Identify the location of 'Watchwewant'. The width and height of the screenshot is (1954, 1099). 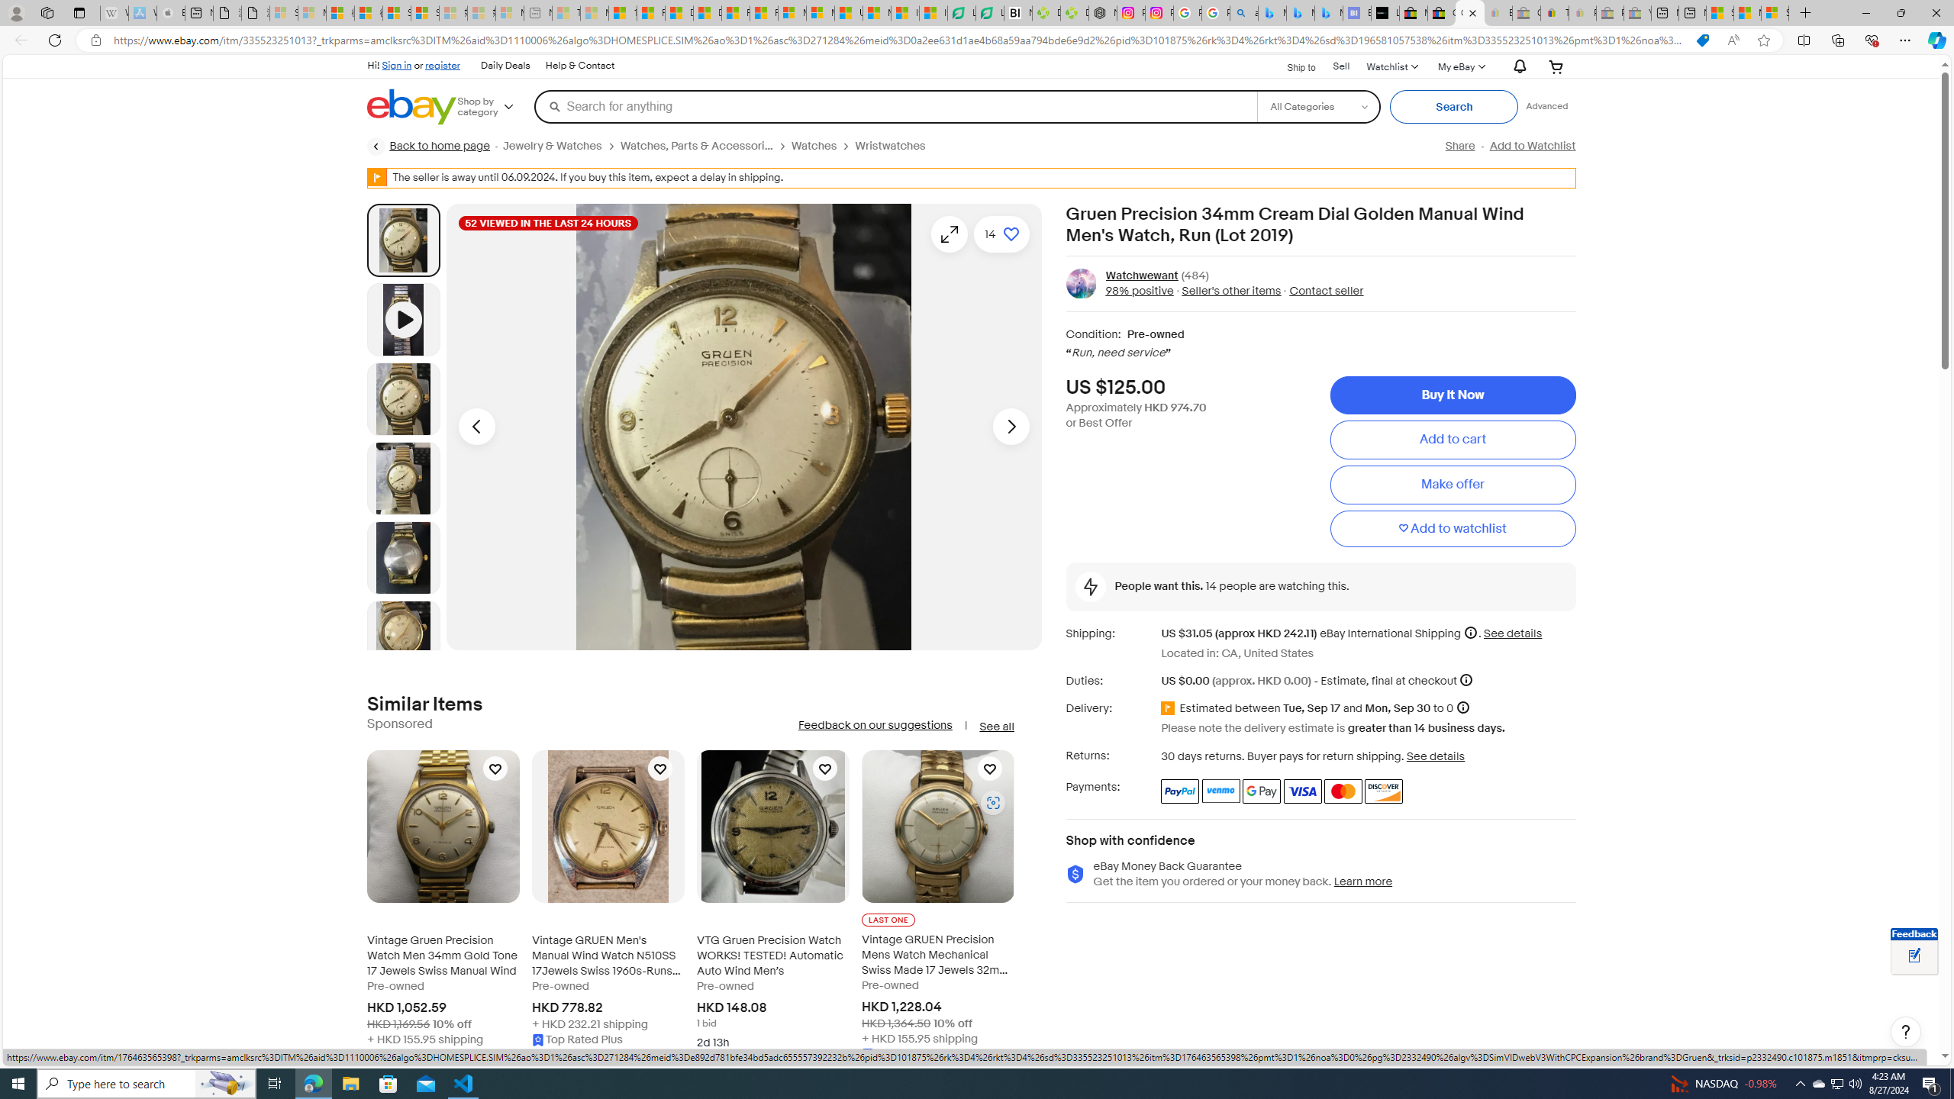
(1142, 275).